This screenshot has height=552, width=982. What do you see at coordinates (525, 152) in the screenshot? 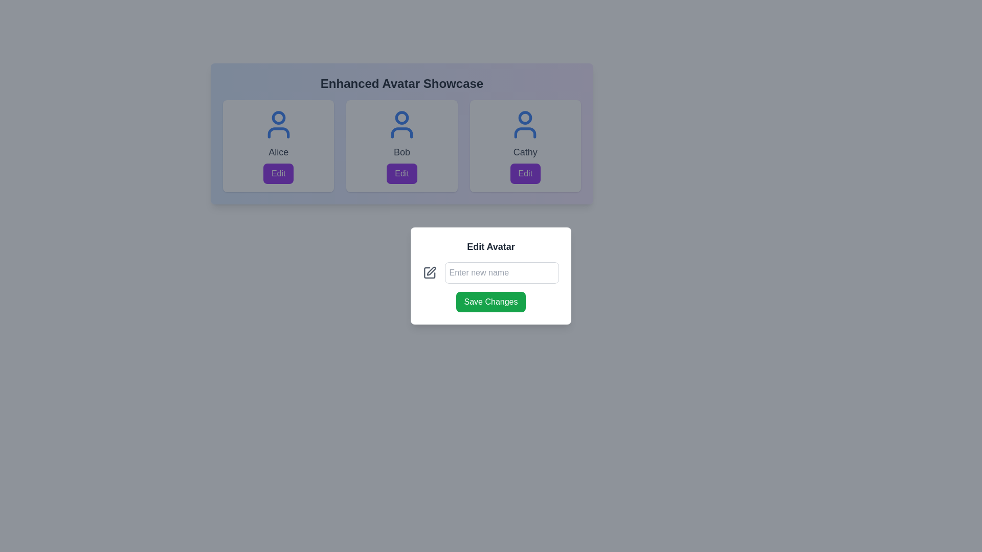
I see `the text label displaying the name 'Cathy', which is styled with medium font size and gray color, located in the third card below the avatar icon and above the 'Edit' button` at bounding box center [525, 152].